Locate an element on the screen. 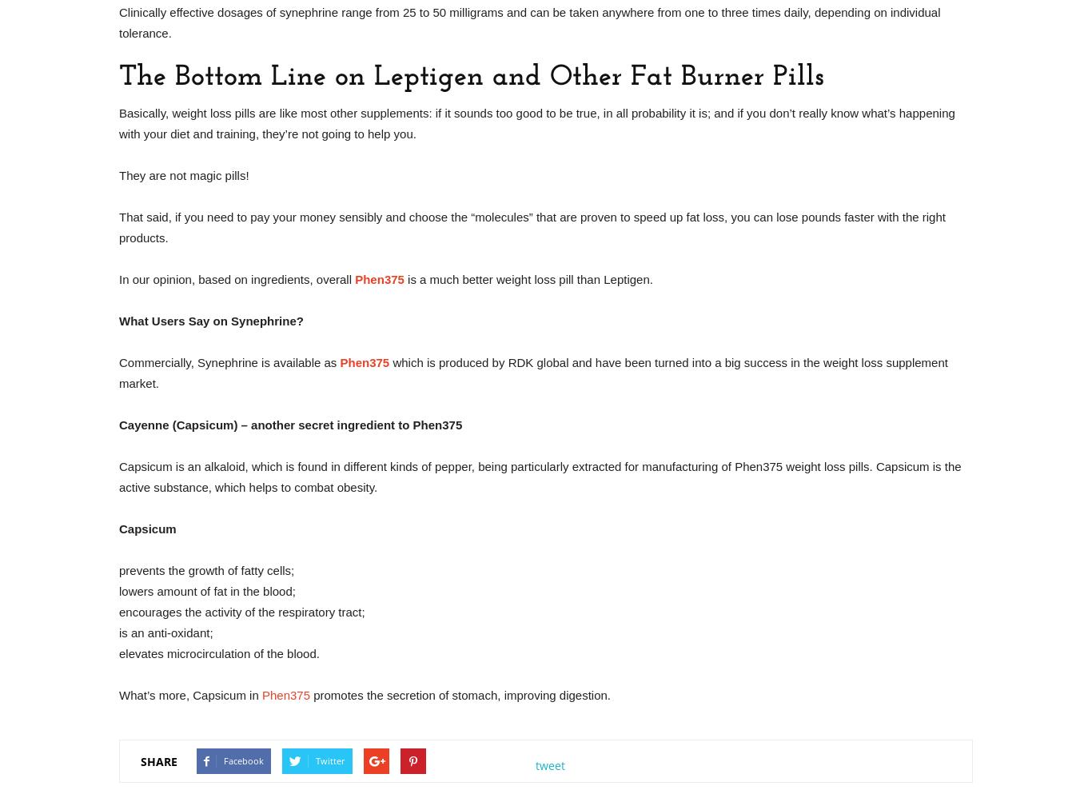  'encourages the activity of the respiratory tract;' is located at coordinates (241, 611).